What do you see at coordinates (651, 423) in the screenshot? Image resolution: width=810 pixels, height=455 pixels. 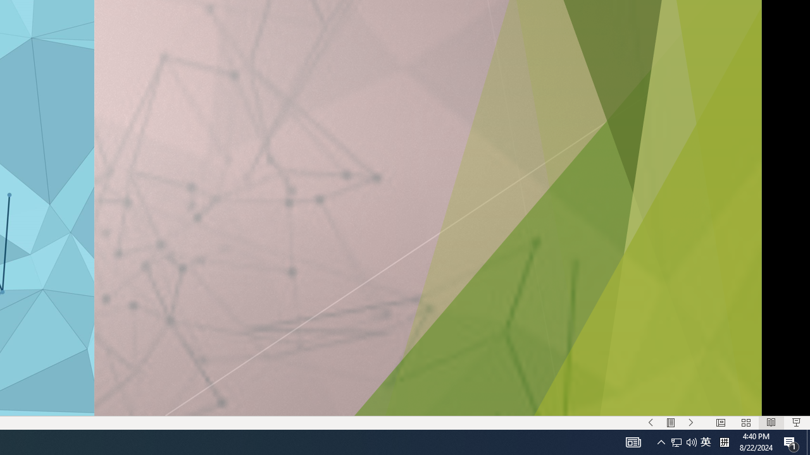 I see `'Slide Show Previous On'` at bounding box center [651, 423].